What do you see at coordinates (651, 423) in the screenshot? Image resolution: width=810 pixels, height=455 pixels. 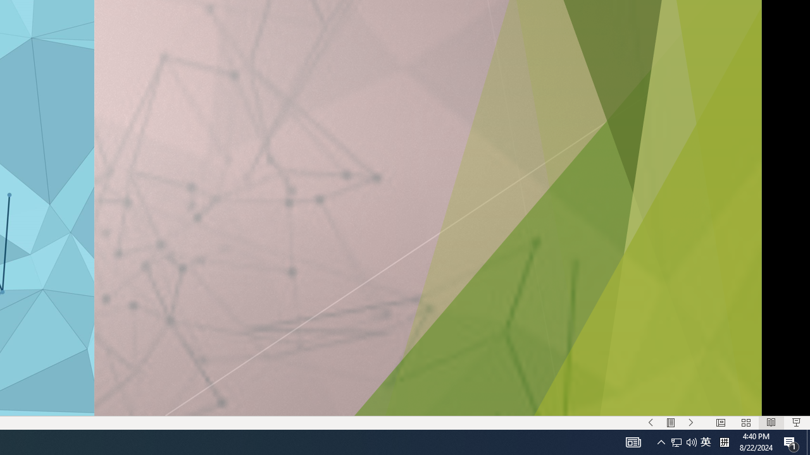 I see `'Slide Show Previous On'` at bounding box center [651, 423].